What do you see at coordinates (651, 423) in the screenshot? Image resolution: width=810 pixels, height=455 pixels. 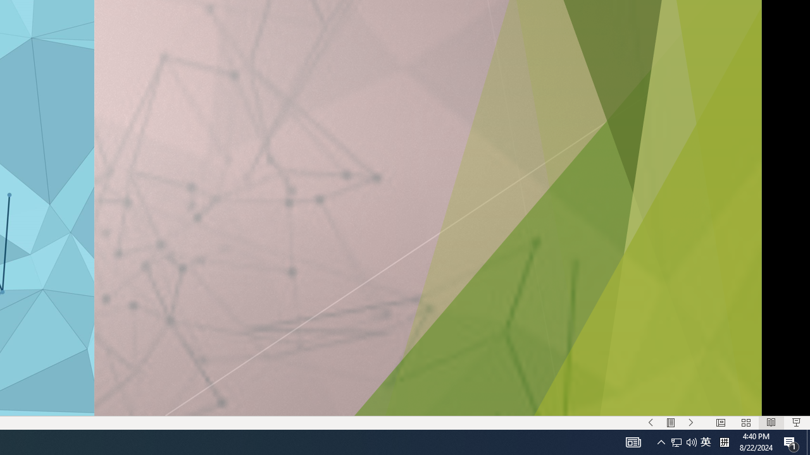 I see `'Slide Show Previous On'` at bounding box center [651, 423].